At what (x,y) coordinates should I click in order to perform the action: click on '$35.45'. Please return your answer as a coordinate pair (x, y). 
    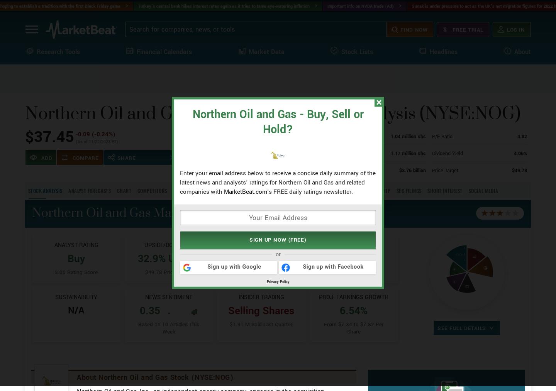
    Looking at the image, I should click on (262, 181).